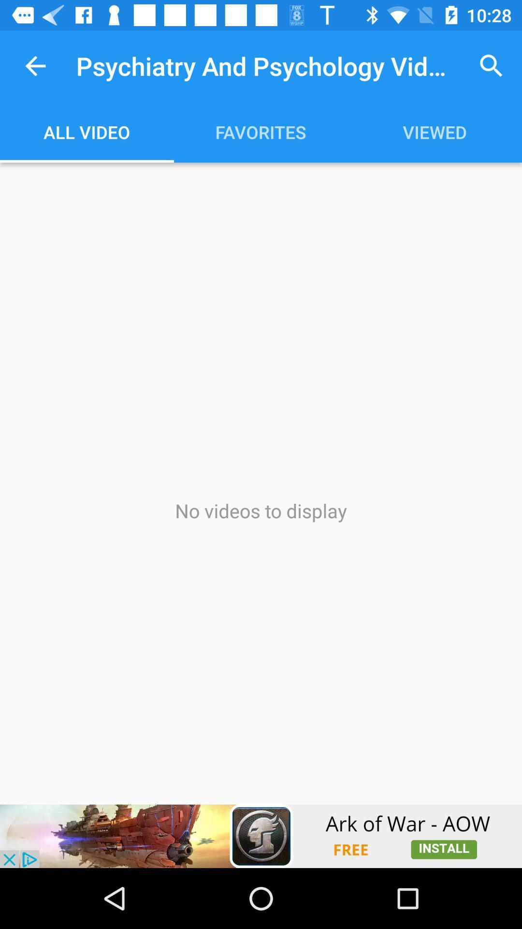  What do you see at coordinates (261, 836) in the screenshot?
I see `learn about this product` at bounding box center [261, 836].